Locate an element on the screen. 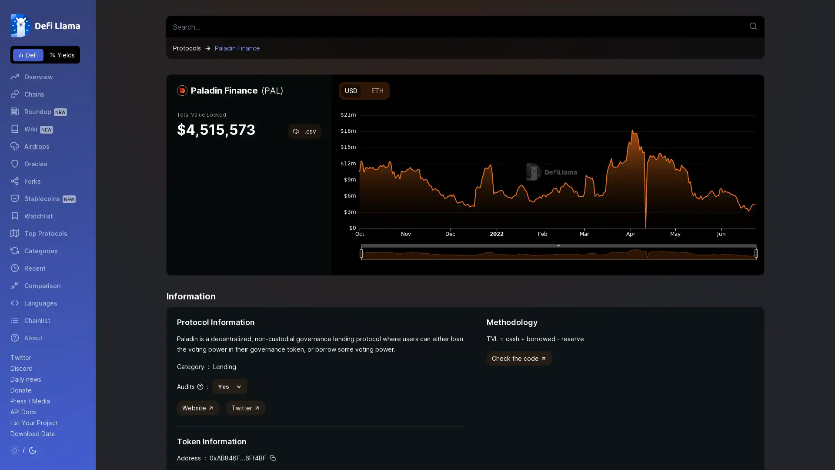 This screenshot has width=835, height=470. Audits are not a guarantee of security. is located at coordinates (189, 386).